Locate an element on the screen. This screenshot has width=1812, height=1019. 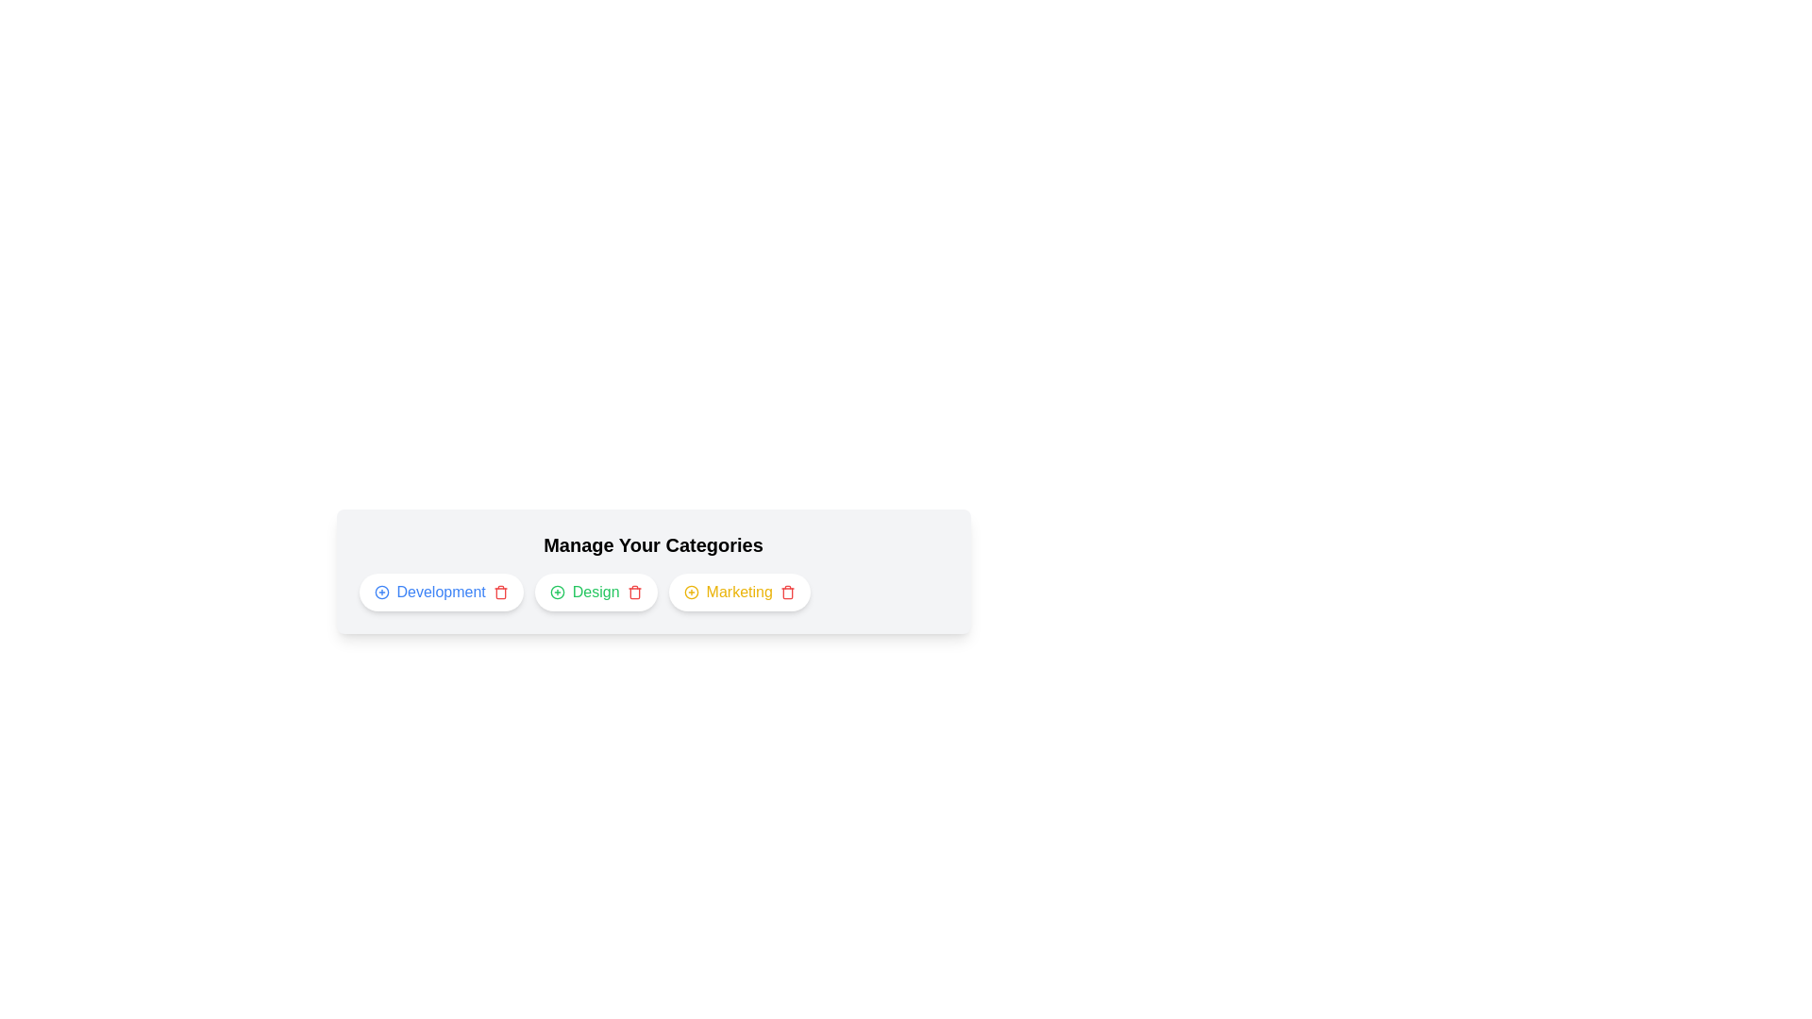
trash icon for the category Design to remove it is located at coordinates (634, 592).